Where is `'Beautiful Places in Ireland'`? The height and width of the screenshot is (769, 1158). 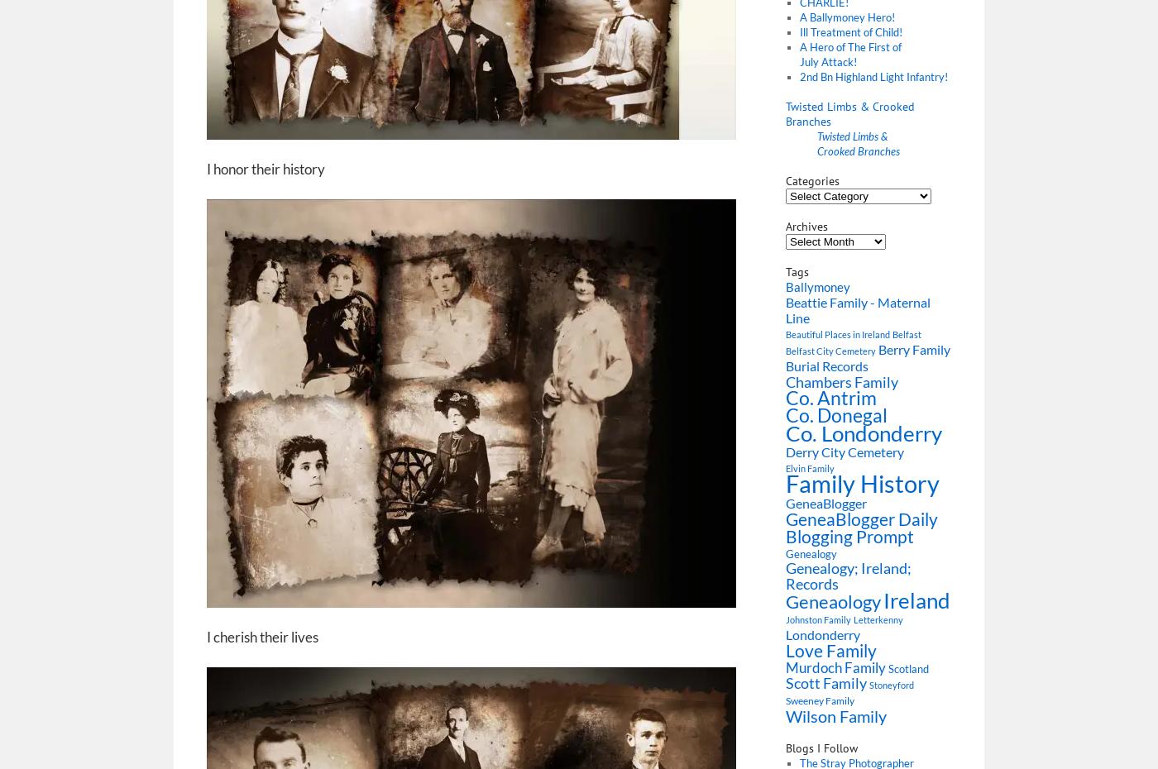 'Beautiful Places in Ireland' is located at coordinates (838, 334).